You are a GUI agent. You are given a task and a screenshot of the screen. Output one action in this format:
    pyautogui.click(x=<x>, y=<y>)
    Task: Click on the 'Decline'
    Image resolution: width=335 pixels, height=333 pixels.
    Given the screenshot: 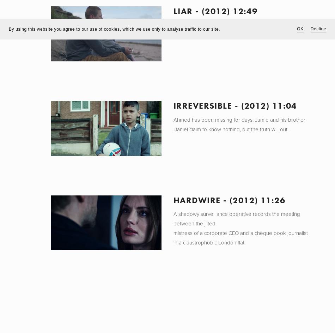 What is the action you would take?
    pyautogui.click(x=318, y=29)
    